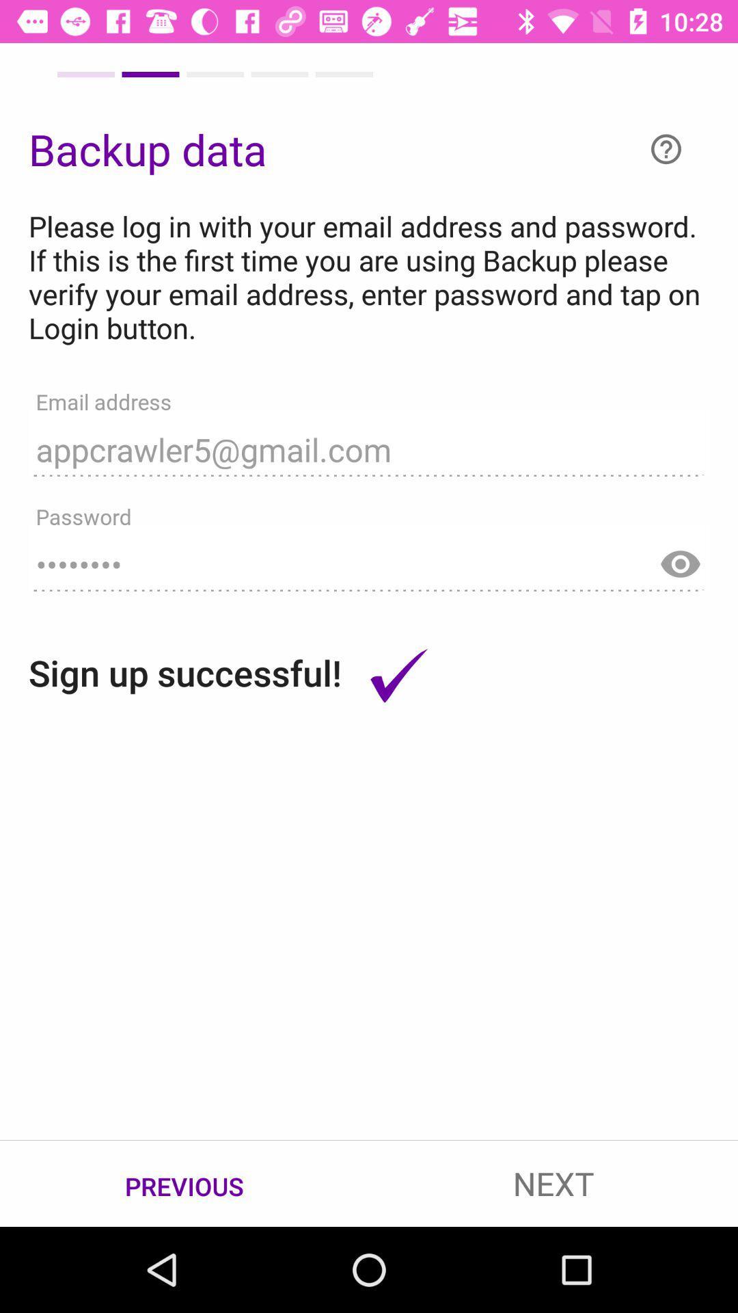 Image resolution: width=738 pixels, height=1313 pixels. What do you see at coordinates (666, 149) in the screenshot?
I see `item above the please log in` at bounding box center [666, 149].